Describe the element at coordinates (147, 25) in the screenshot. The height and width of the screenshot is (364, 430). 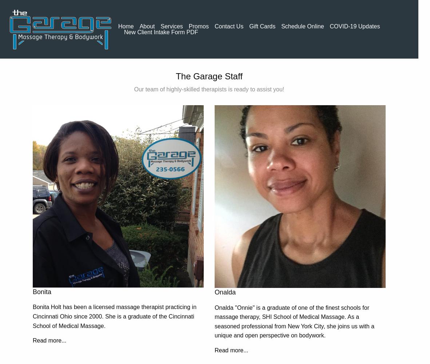
I see `'About'` at that location.